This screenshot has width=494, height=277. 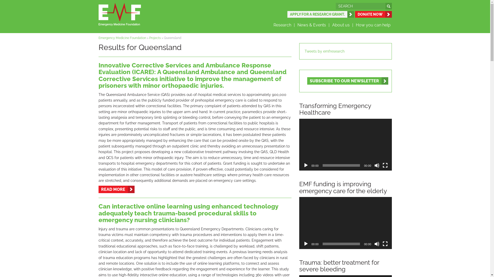 What do you see at coordinates (313, 25) in the screenshot?
I see `'News & Events'` at bounding box center [313, 25].